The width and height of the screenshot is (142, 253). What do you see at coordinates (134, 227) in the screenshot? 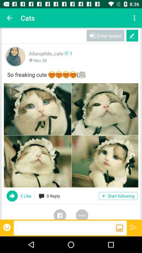
I see `it is the send button` at bounding box center [134, 227].